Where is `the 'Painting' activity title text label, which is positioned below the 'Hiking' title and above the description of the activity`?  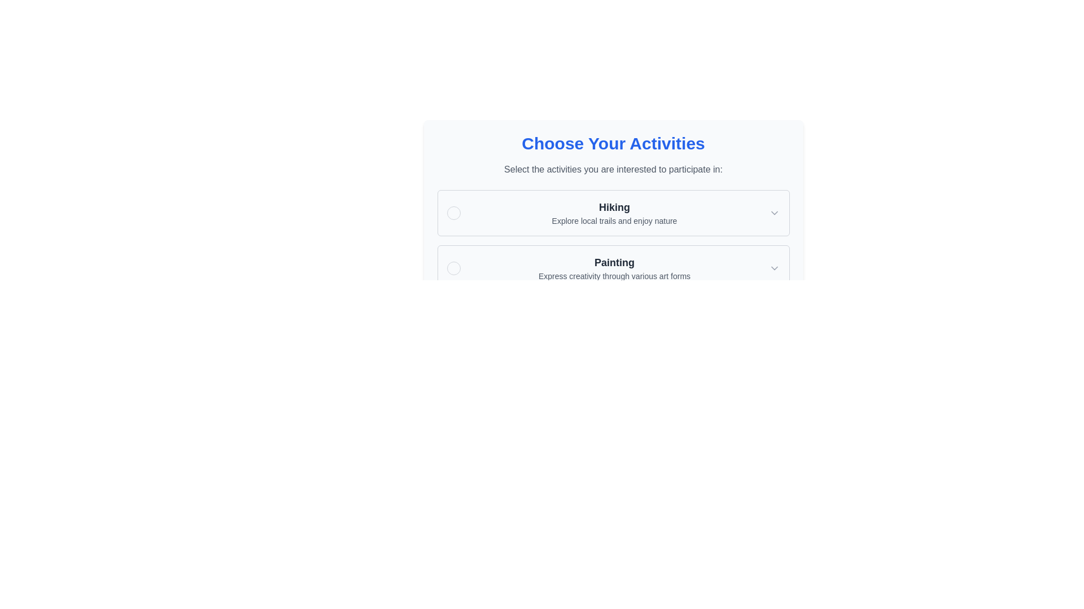 the 'Painting' activity title text label, which is positioned below the 'Hiking' title and above the description of the activity is located at coordinates (614, 263).